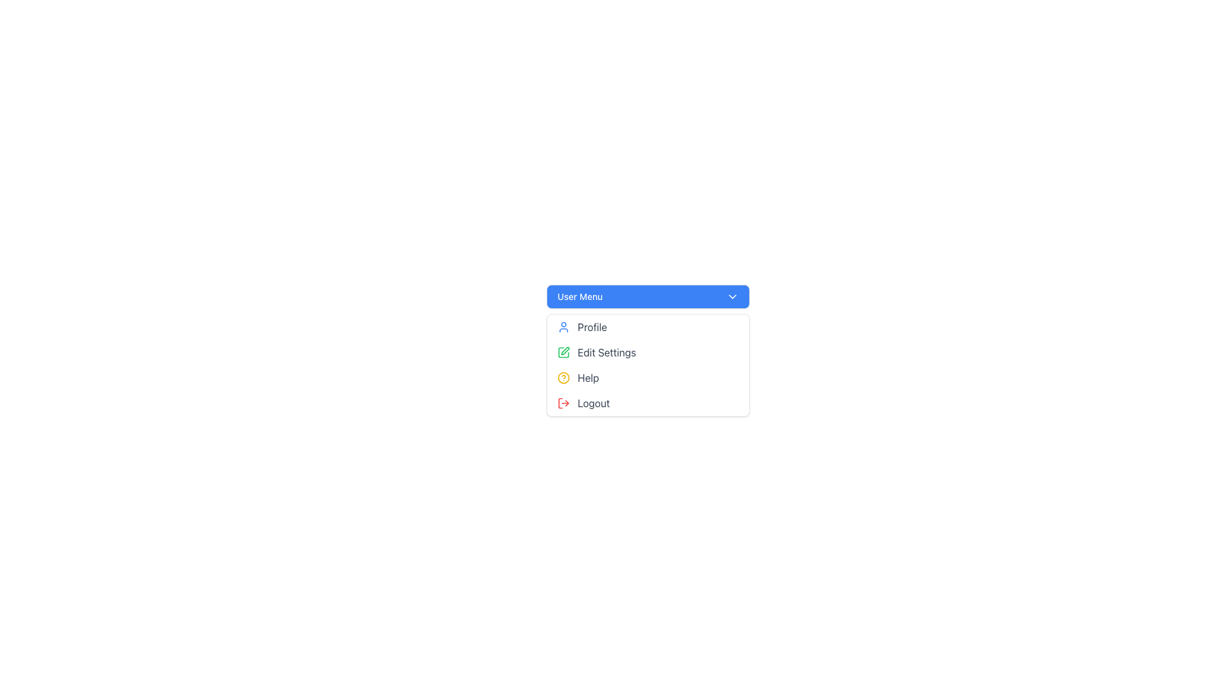 The height and width of the screenshot is (685, 1219). What do you see at coordinates (579, 296) in the screenshot?
I see `the 'User Menu' text label which is displayed in white on a blue background, styled with medium font weight, and positioned within a rounded rectangle in the top-center region of the user interface` at bounding box center [579, 296].